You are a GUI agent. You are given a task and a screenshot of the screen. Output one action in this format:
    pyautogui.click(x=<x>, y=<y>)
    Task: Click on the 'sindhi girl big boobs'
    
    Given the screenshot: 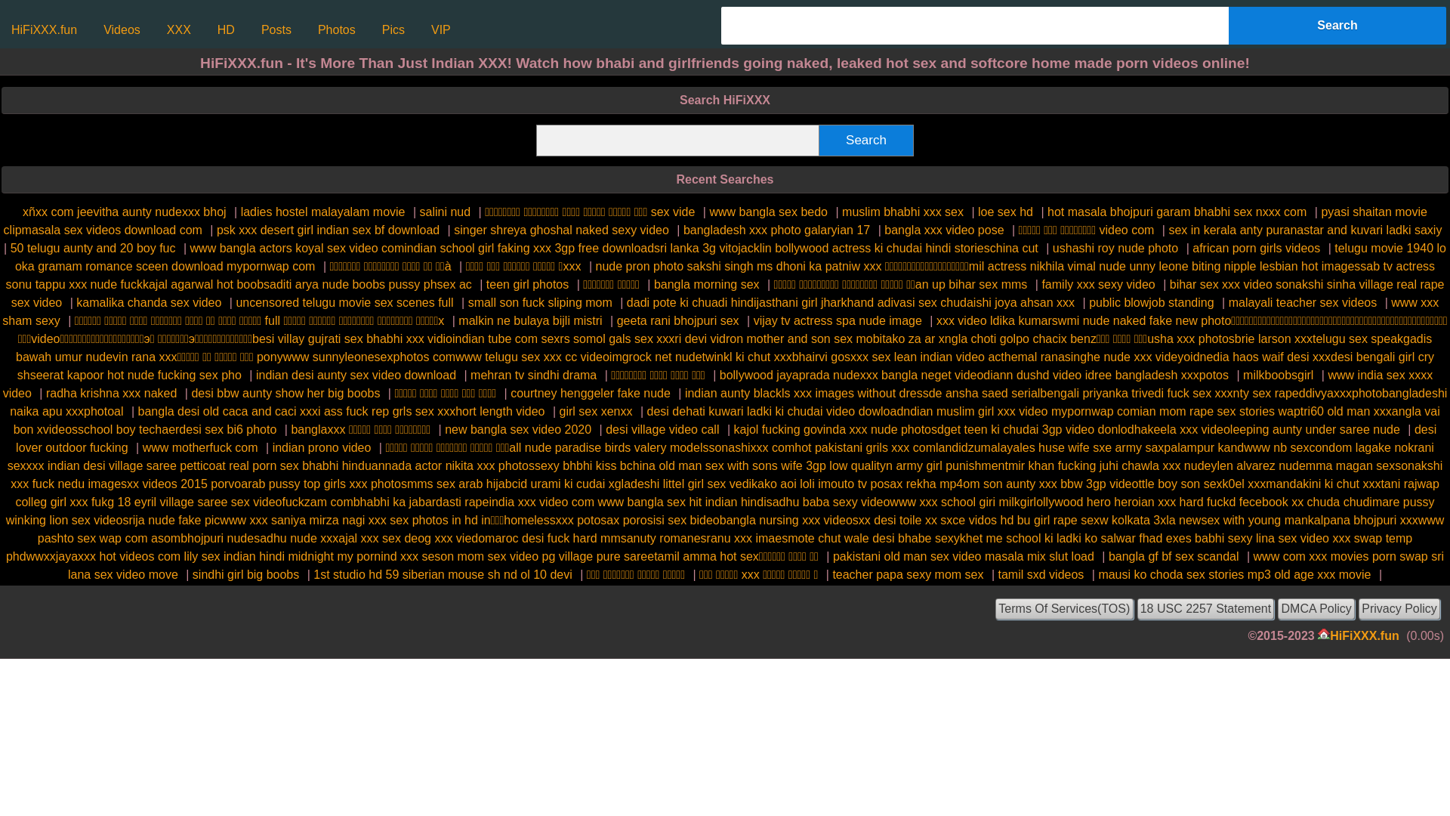 What is the action you would take?
    pyautogui.click(x=245, y=574)
    